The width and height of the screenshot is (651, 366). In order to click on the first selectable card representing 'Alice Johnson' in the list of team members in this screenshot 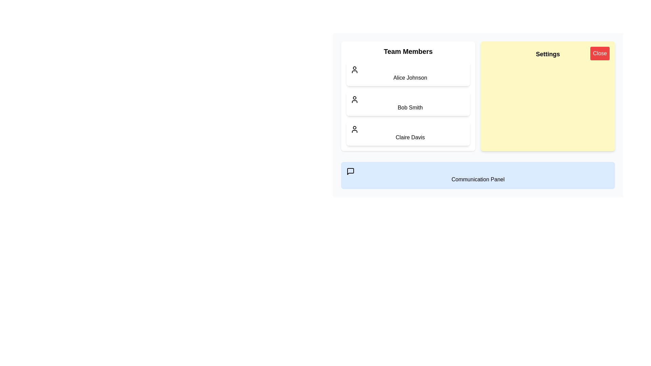, I will do `click(408, 74)`.